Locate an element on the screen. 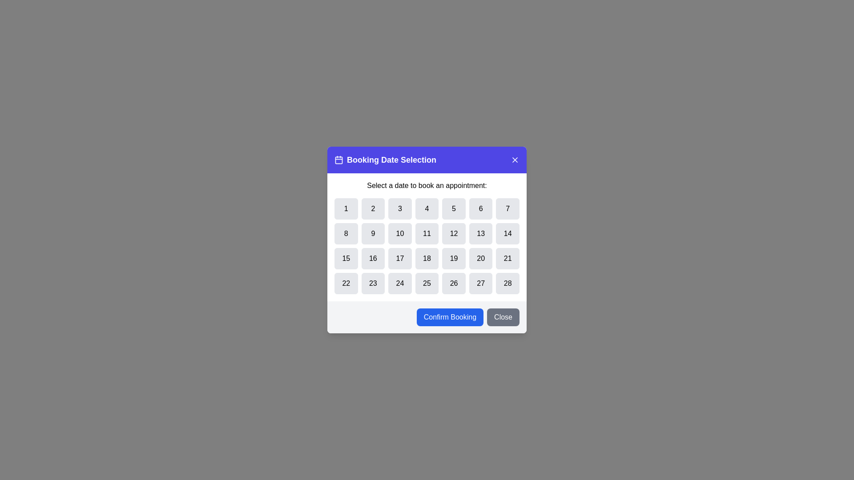 This screenshot has width=854, height=480. the 'Confirm Booking' button to confirm the booking is located at coordinates (450, 316).